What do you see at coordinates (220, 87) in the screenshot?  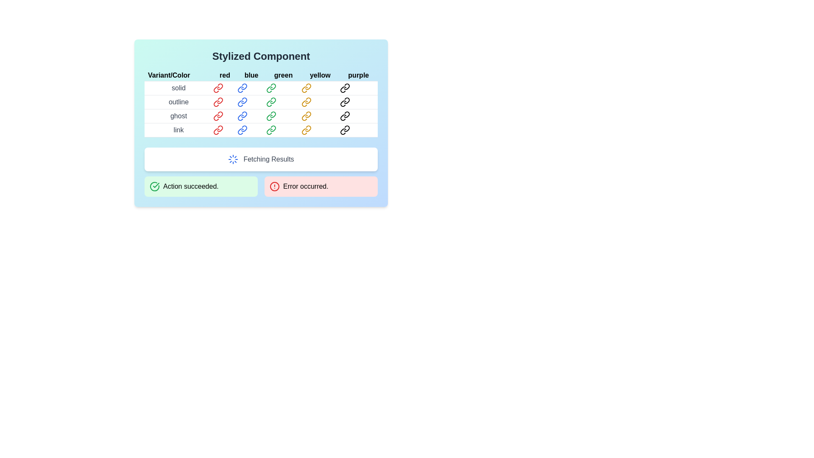 I see `the red chain-like icon located in the first cell of the table under the 'red' column and 'solid' row` at bounding box center [220, 87].